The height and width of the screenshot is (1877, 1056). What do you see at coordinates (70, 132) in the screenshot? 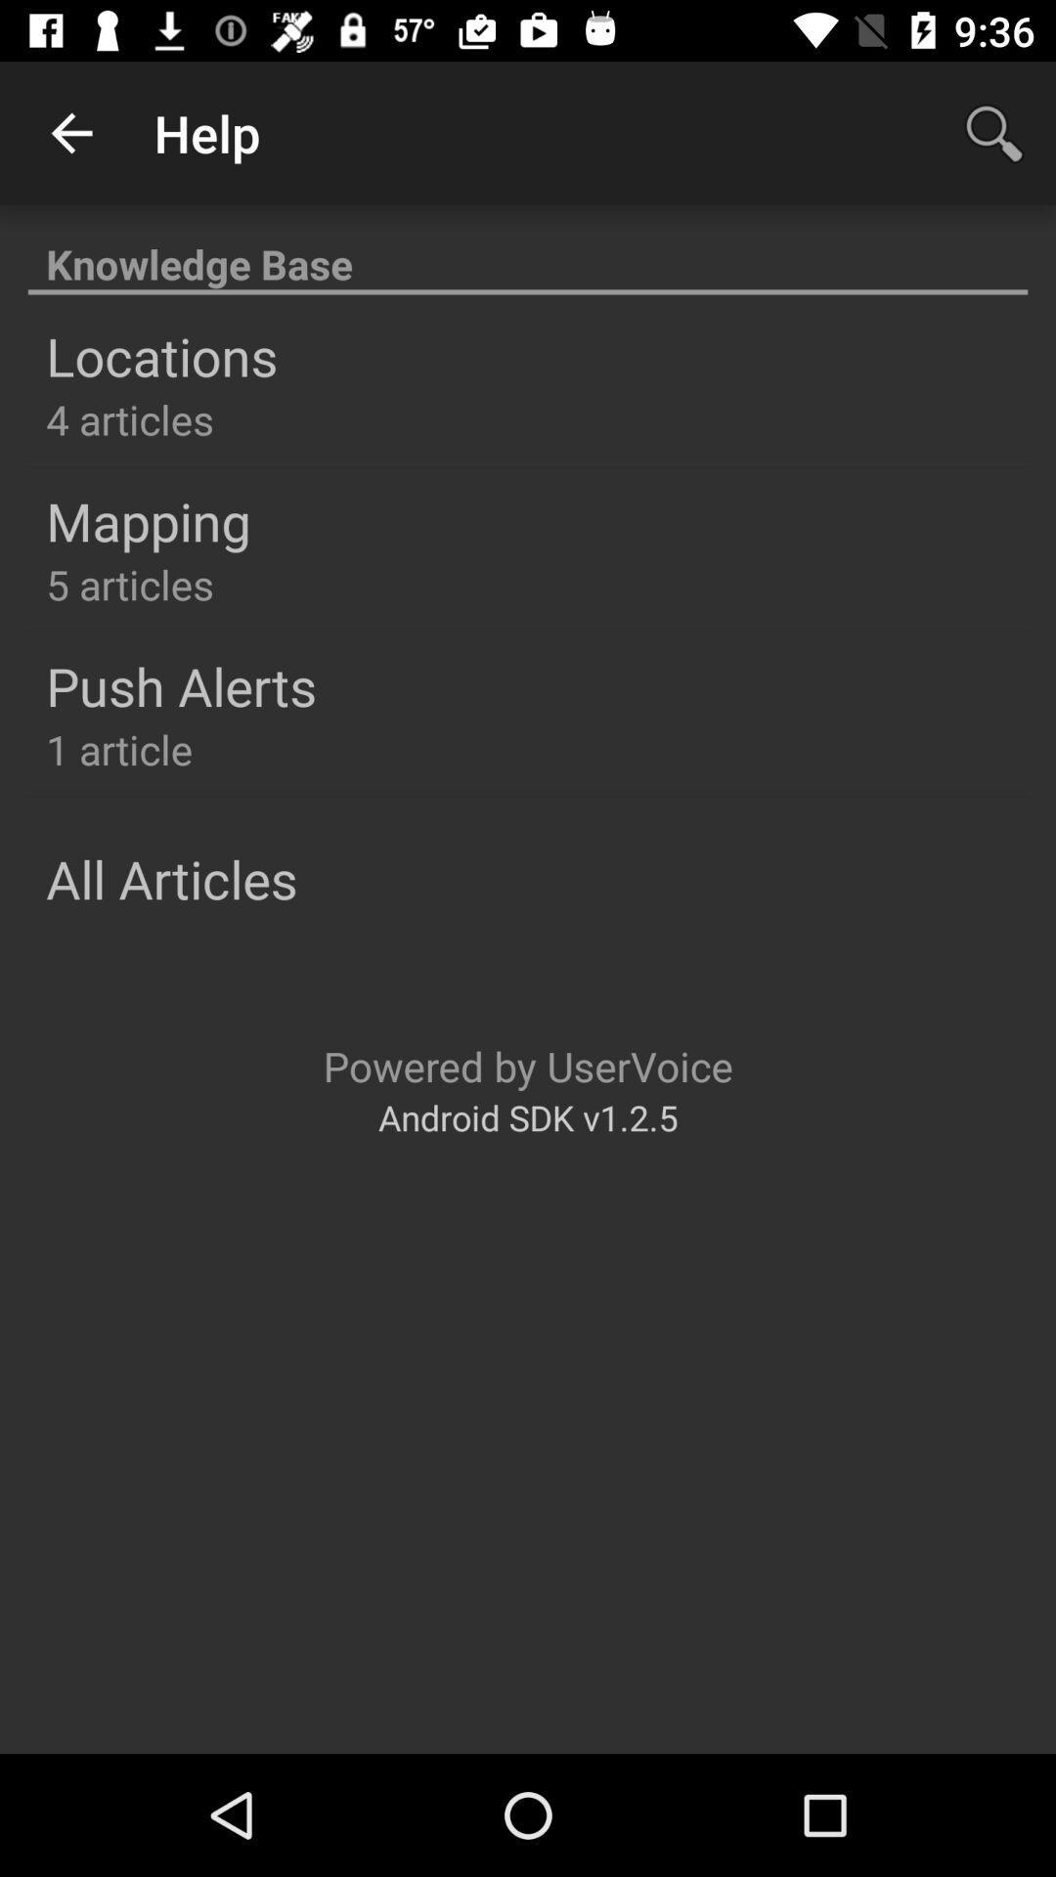
I see `the item next to help icon` at bounding box center [70, 132].